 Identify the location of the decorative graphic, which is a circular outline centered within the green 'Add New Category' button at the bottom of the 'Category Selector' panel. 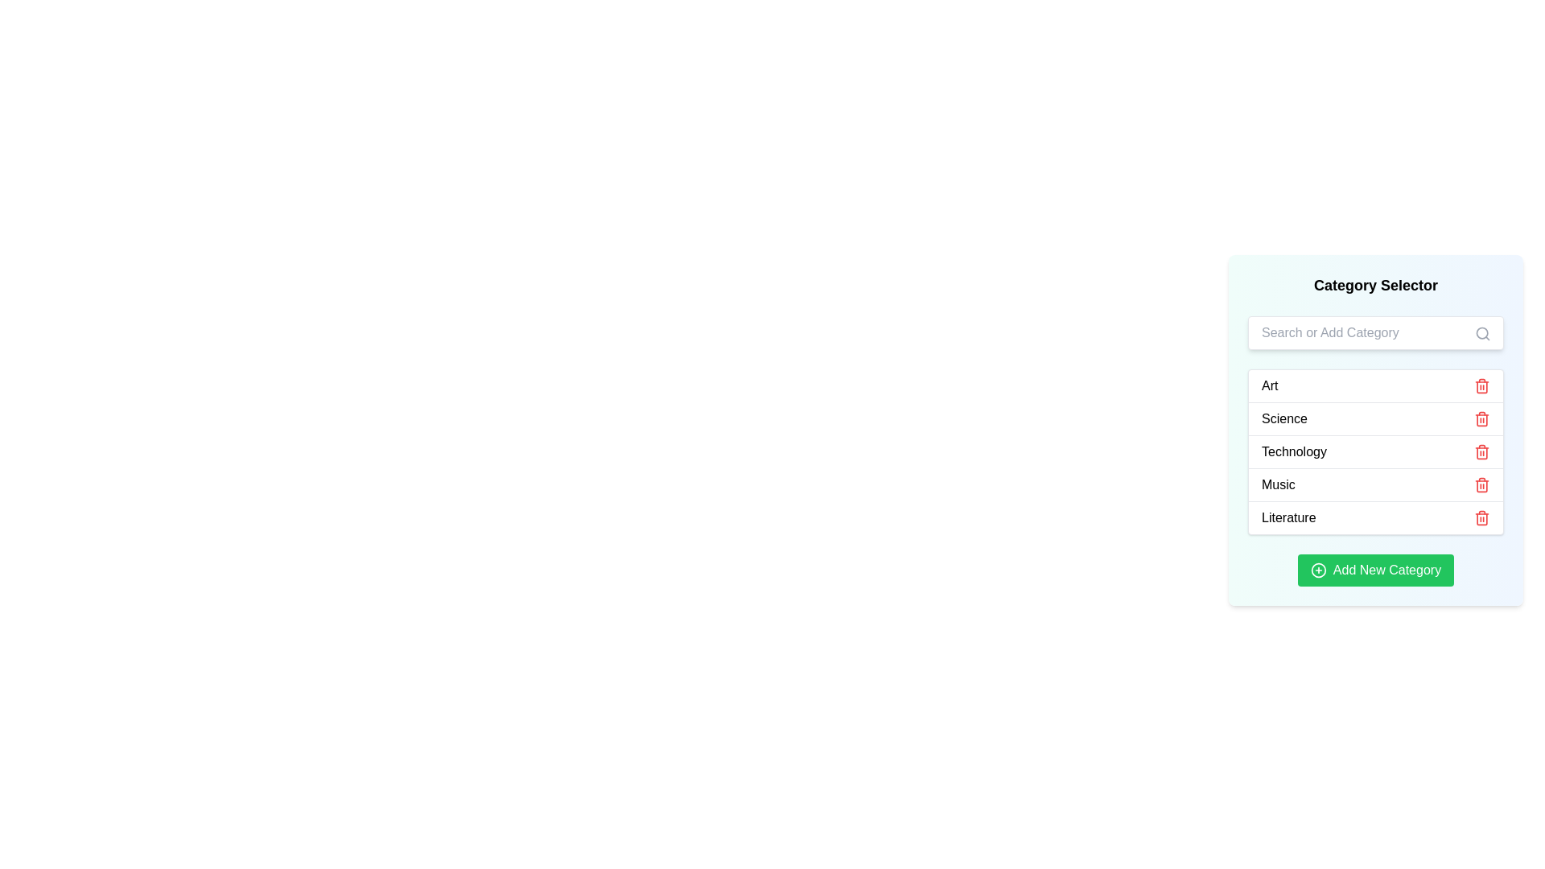
(1318, 570).